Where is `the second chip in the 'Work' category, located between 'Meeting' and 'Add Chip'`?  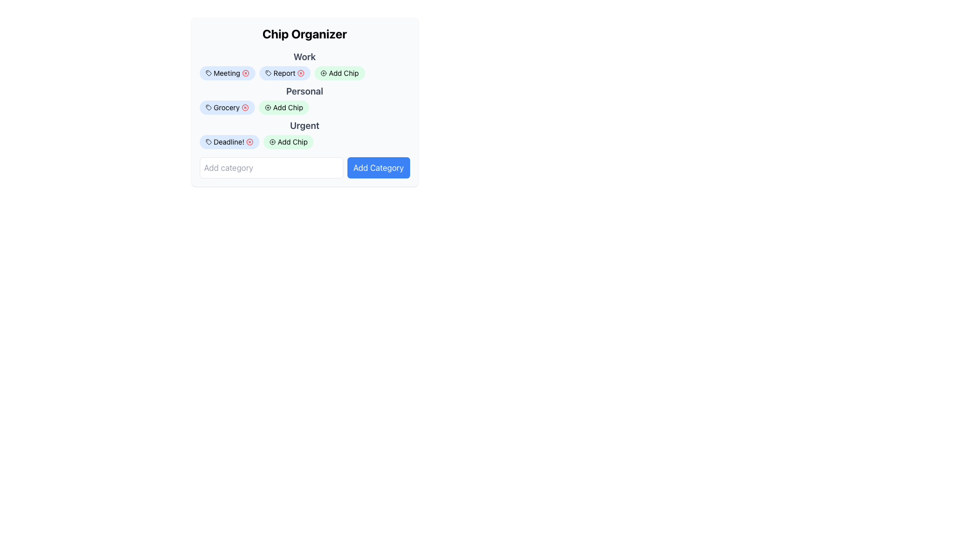 the second chip in the 'Work' category, located between 'Meeting' and 'Add Chip' is located at coordinates (304, 73).